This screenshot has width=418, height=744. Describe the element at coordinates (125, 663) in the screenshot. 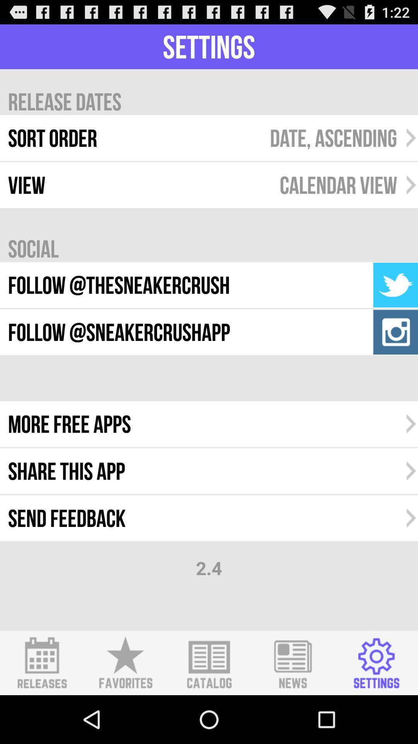

I see `shows favourite icon` at that location.